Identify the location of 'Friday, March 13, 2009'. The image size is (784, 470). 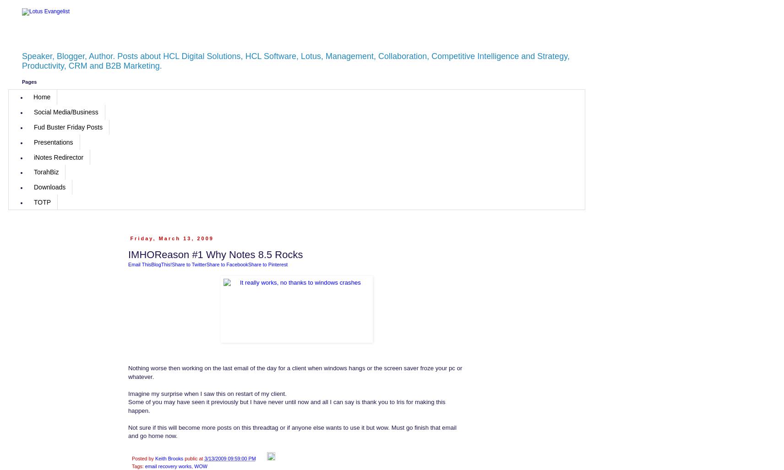
(171, 238).